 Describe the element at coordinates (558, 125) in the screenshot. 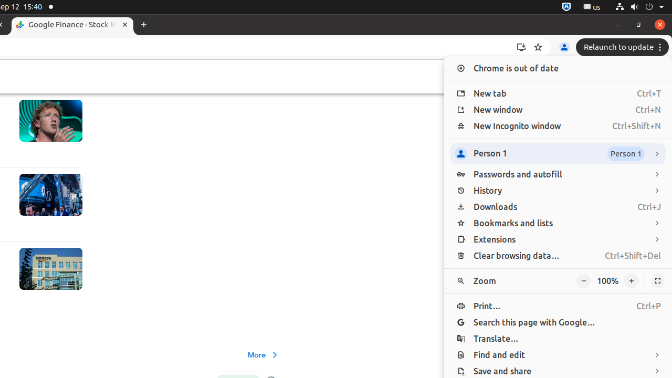

I see `'New Incognito window Ctrl+Shift+N'` at that location.